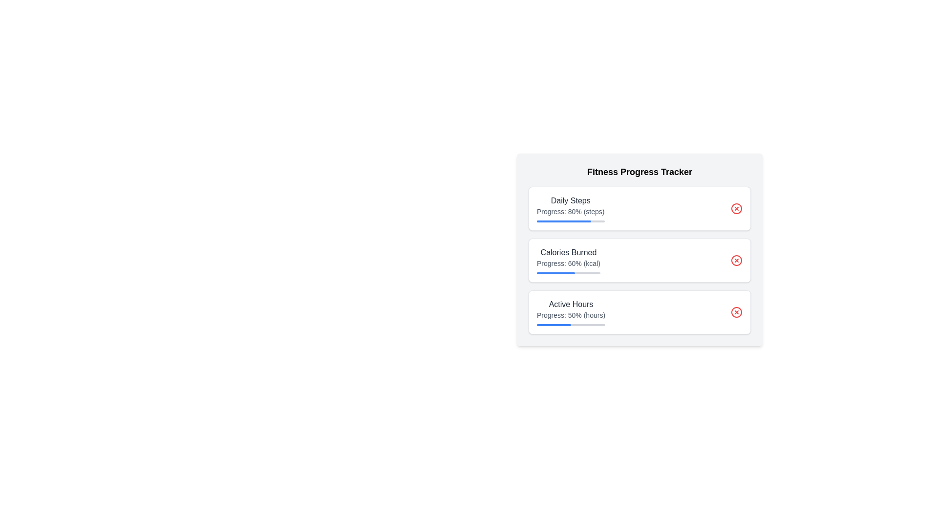  I want to click on the Progress Tracker, which is the second item in the vertical list of trackers in the 'Fitness Progress Tracker' section, displaying progress information related to calories burned, so click(640, 260).